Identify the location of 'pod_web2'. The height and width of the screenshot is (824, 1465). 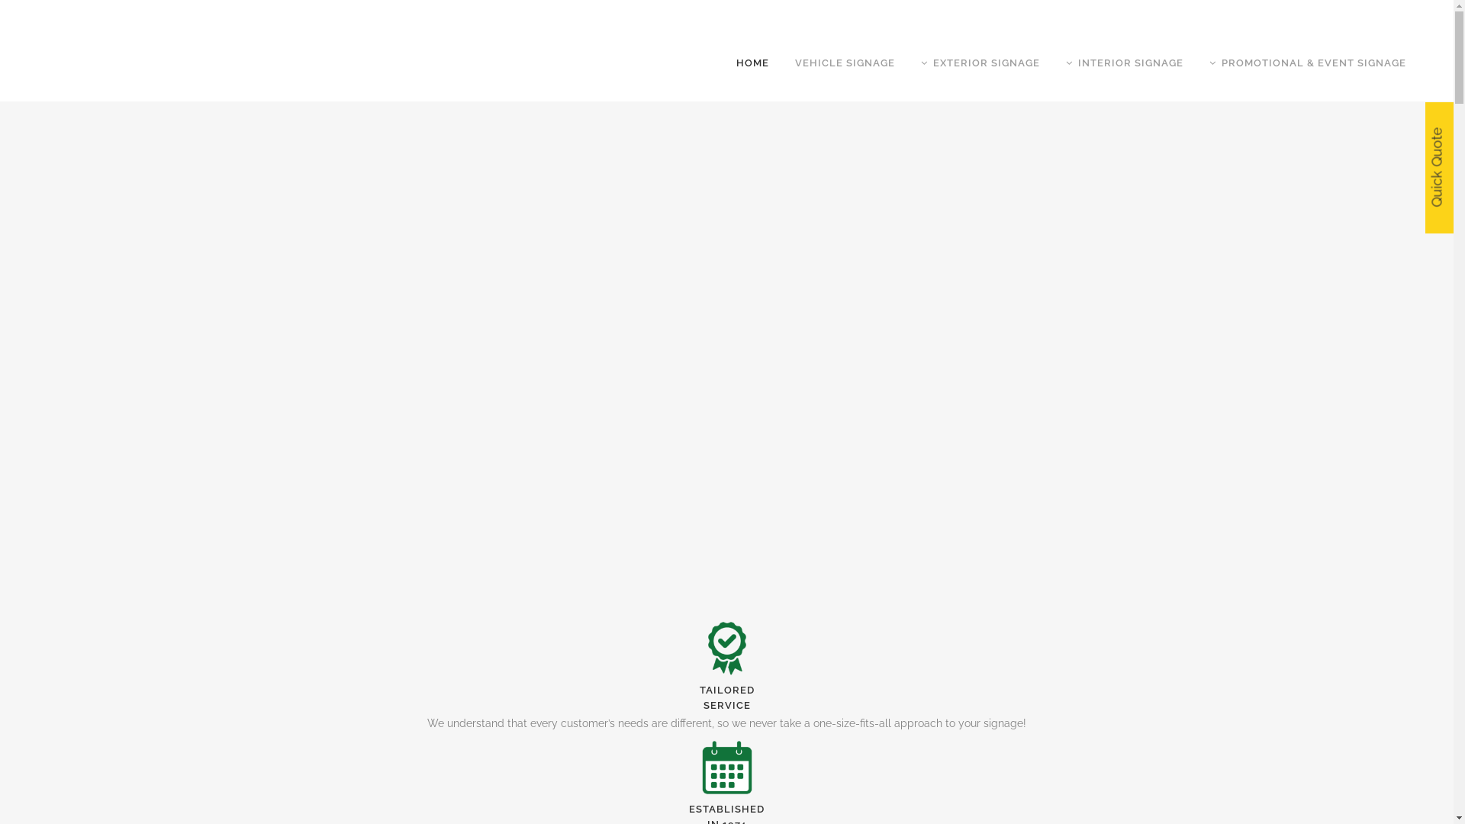
(726, 768).